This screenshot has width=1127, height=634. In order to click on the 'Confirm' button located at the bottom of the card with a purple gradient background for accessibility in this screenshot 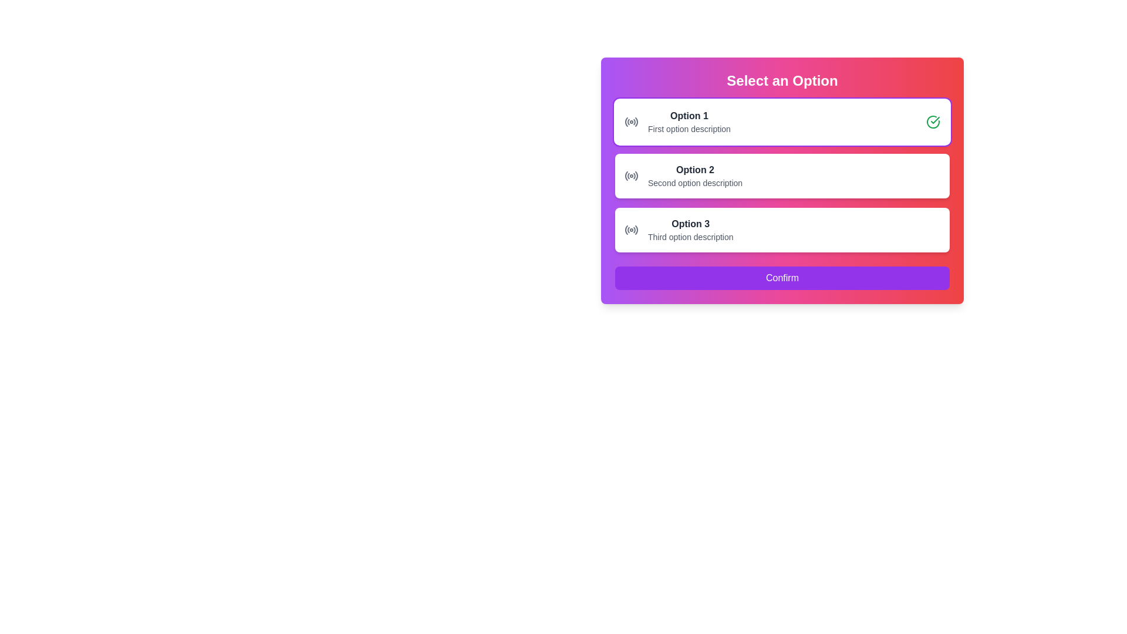, I will do `click(782, 278)`.